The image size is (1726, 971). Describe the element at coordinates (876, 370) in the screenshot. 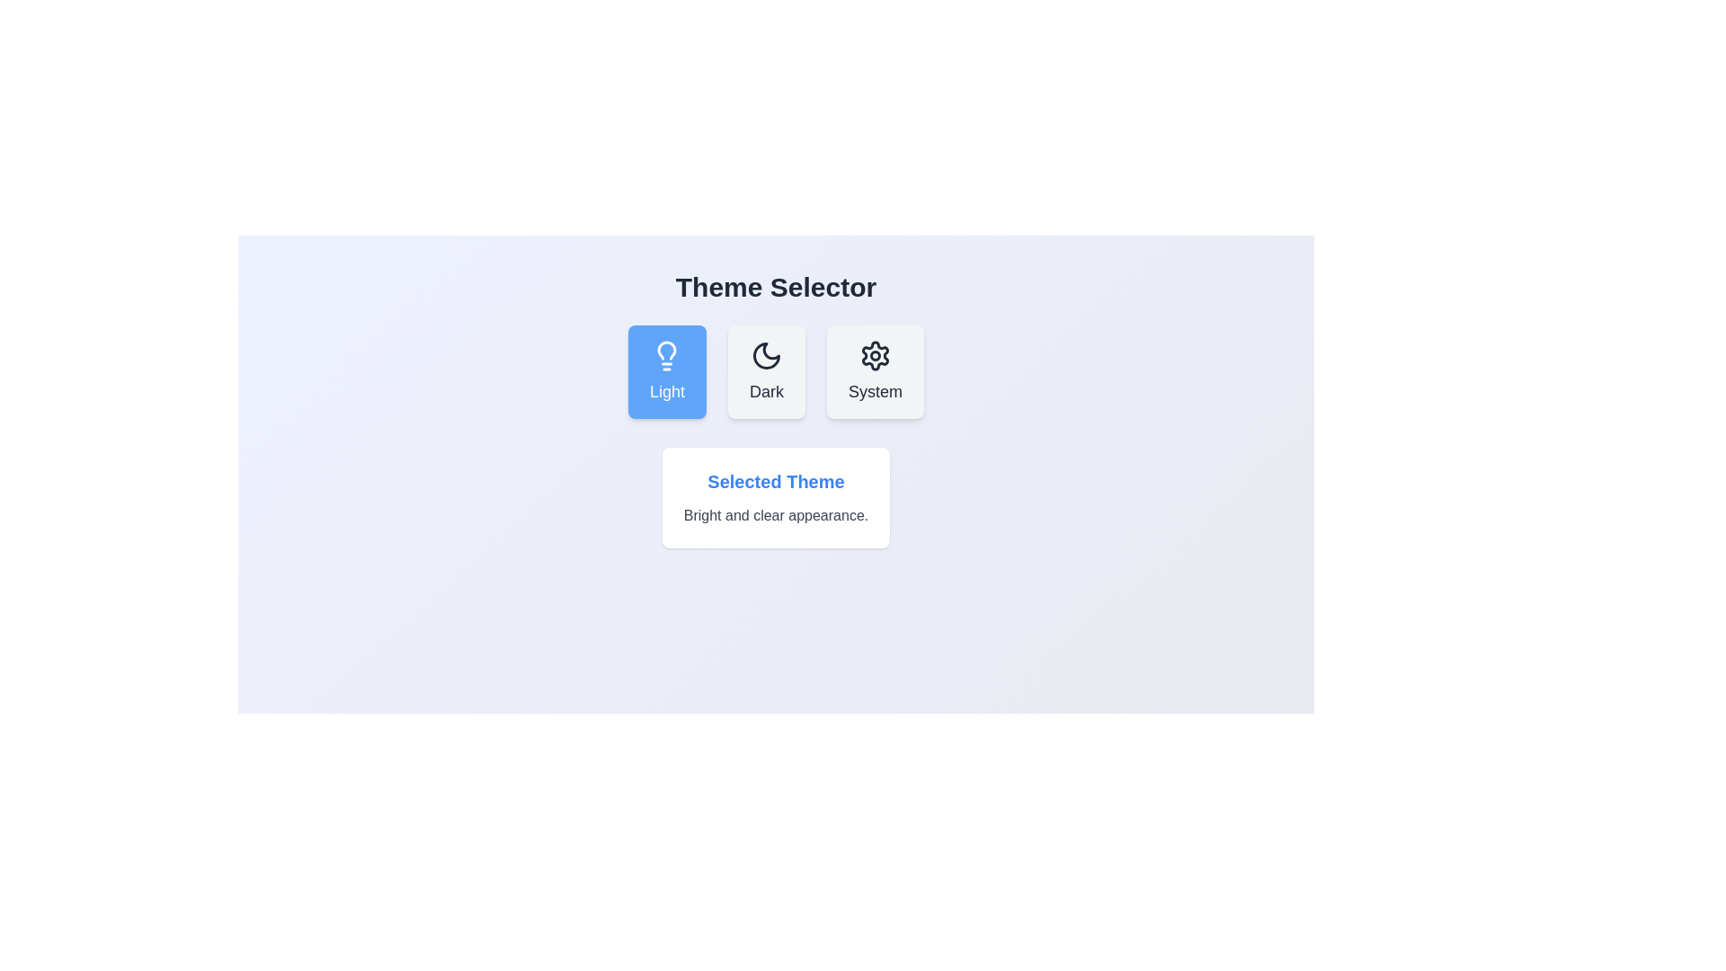

I see `the theme option System to observe its hover effect` at that location.